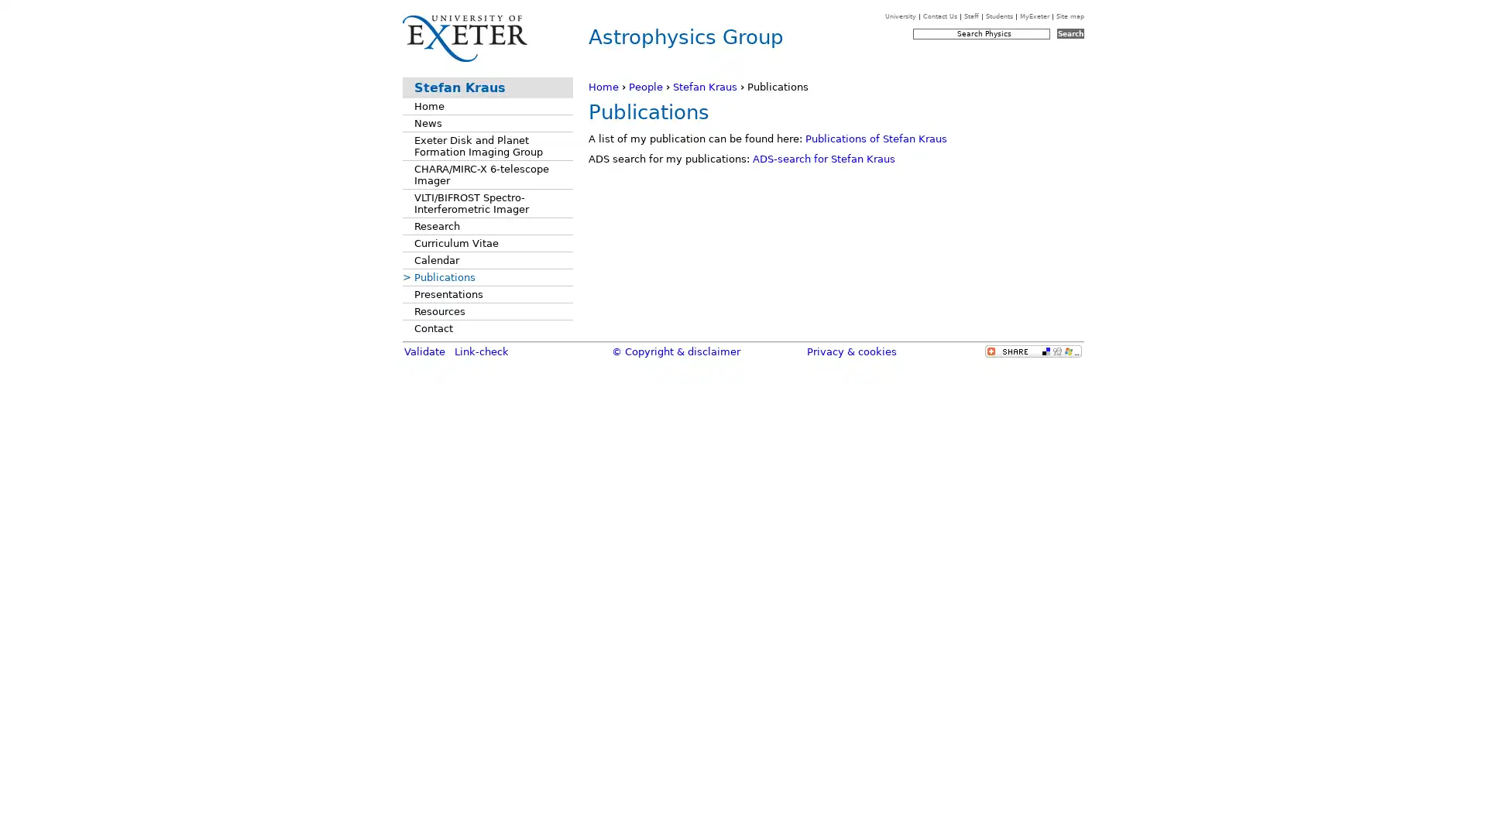 This screenshot has height=836, width=1487. I want to click on Search, so click(1070, 33).